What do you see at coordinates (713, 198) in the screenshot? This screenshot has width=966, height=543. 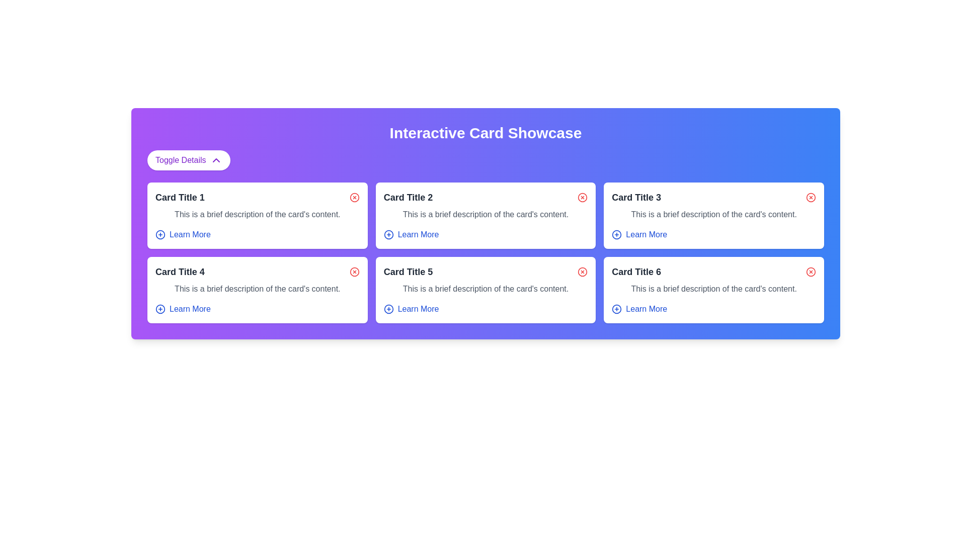 I see `the header section of the card element that displays the title 'Card Title 3' and contains a red circular icon with an 'X' symbol, located in the top-right section of the grid layout` at bounding box center [713, 198].